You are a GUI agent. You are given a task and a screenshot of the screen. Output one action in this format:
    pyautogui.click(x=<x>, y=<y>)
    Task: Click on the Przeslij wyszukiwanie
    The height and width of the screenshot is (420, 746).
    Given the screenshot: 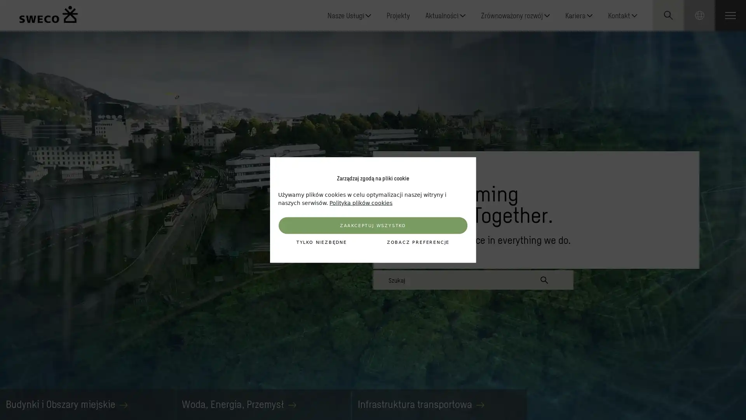 What is the action you would take?
    pyautogui.click(x=683, y=86)
    